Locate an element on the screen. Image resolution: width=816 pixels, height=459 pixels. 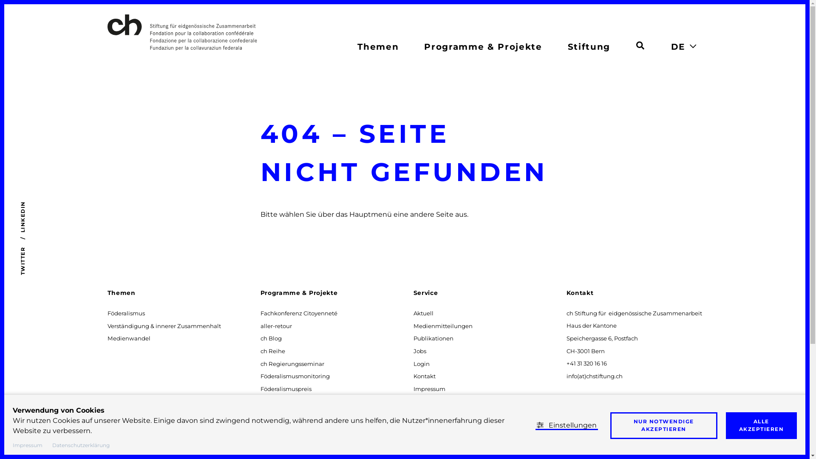
'Suche' is located at coordinates (640, 44).